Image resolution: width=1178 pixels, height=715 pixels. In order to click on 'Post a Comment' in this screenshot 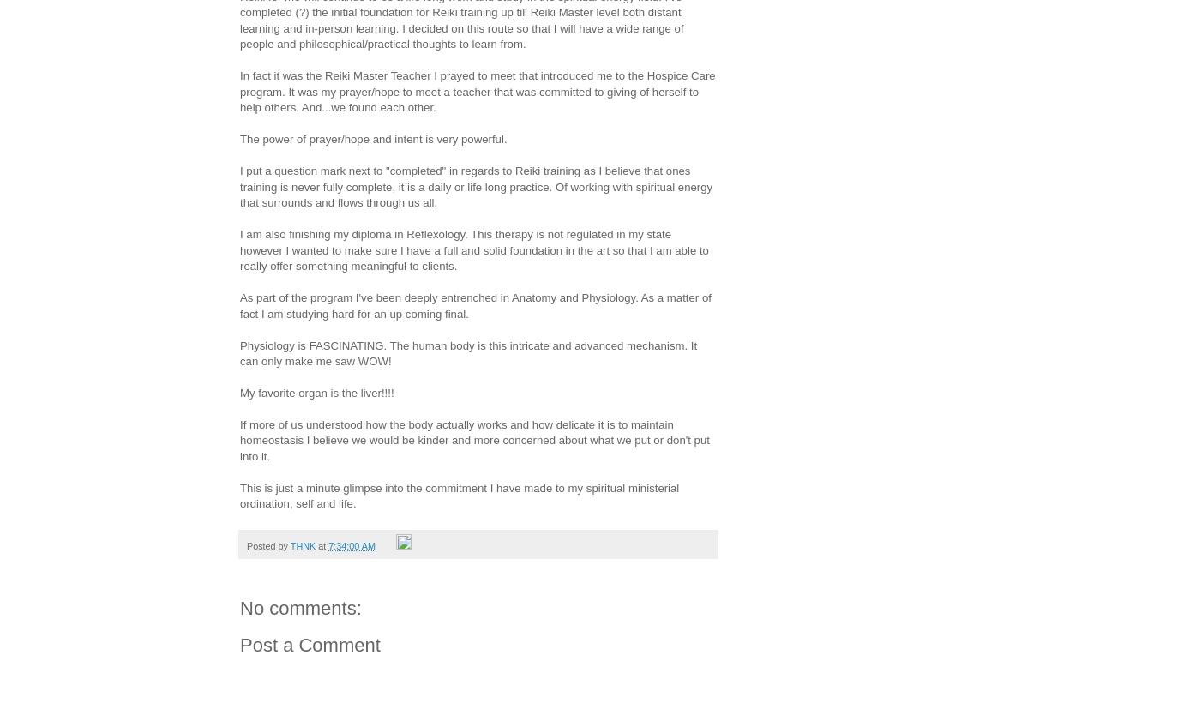, I will do `click(310, 644)`.